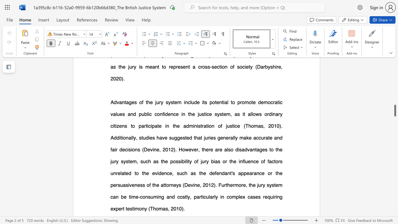  Describe the element at coordinates (395, 90) in the screenshot. I see `the scrollbar to move the content higher` at that location.